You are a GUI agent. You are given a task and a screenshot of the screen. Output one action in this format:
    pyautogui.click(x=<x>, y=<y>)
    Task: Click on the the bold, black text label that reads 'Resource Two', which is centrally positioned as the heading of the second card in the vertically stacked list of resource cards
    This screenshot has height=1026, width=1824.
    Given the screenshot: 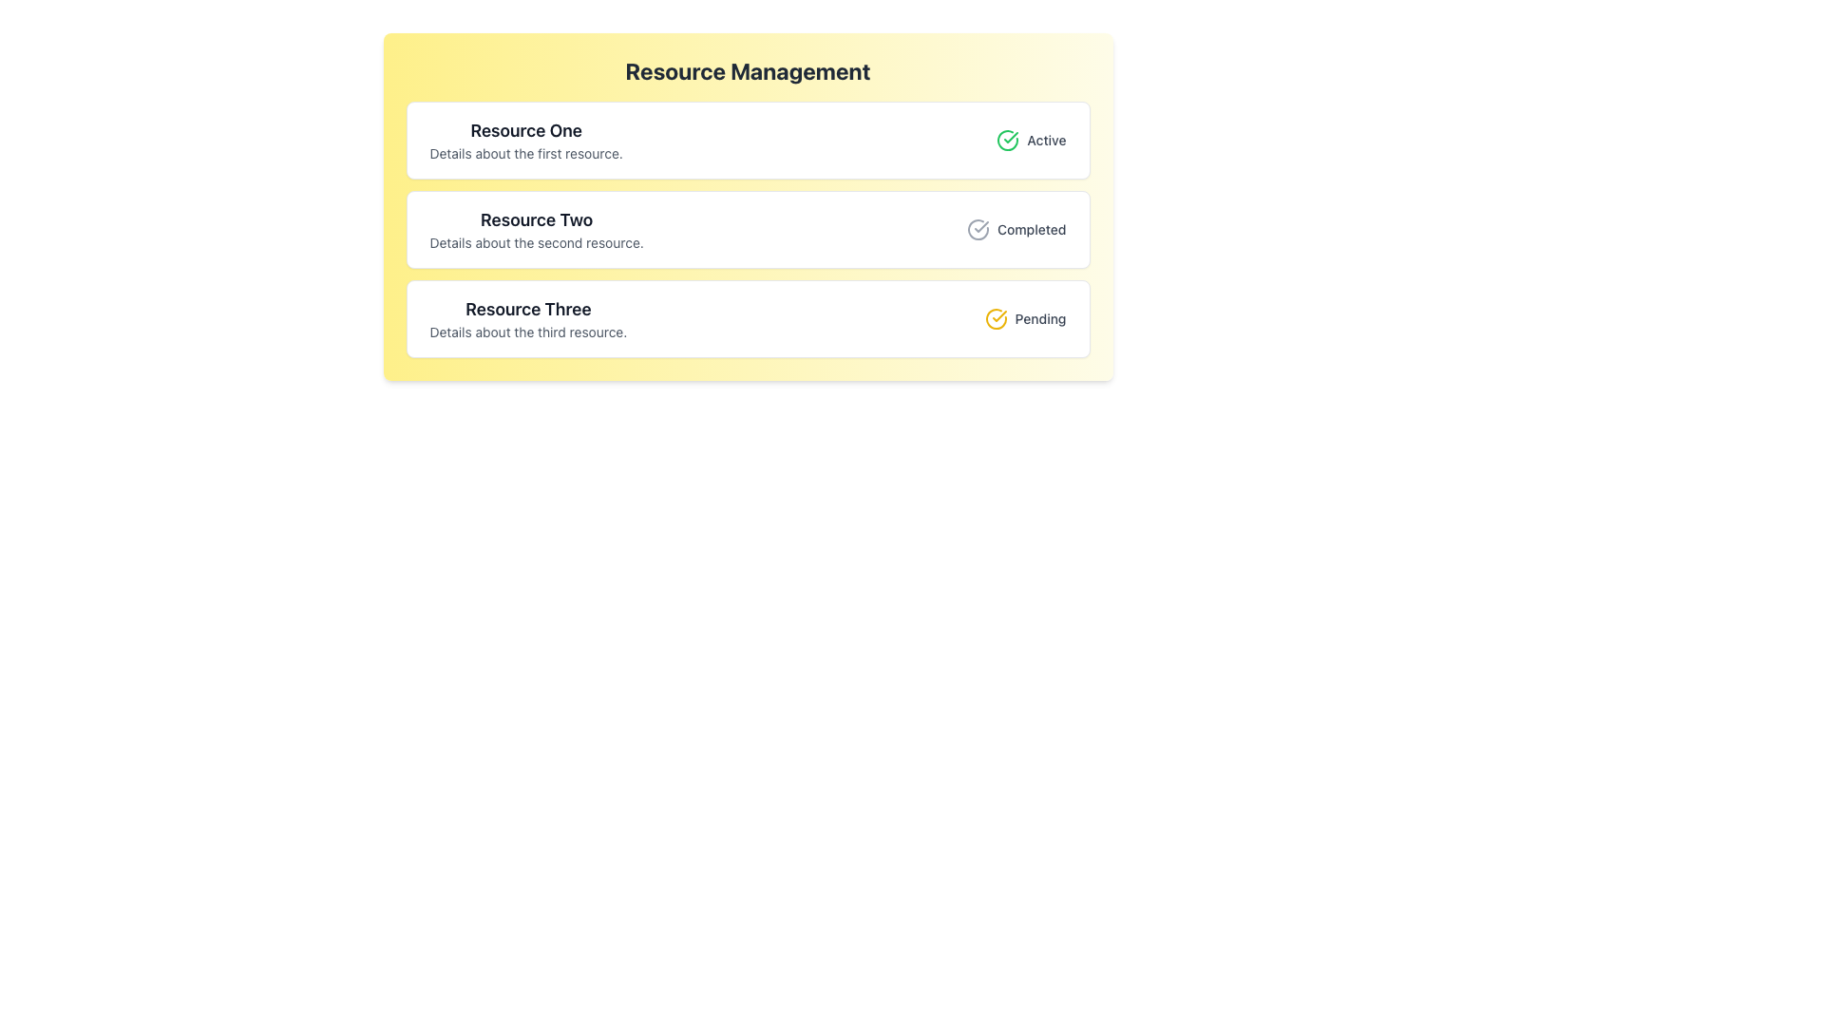 What is the action you would take?
    pyautogui.click(x=536, y=218)
    